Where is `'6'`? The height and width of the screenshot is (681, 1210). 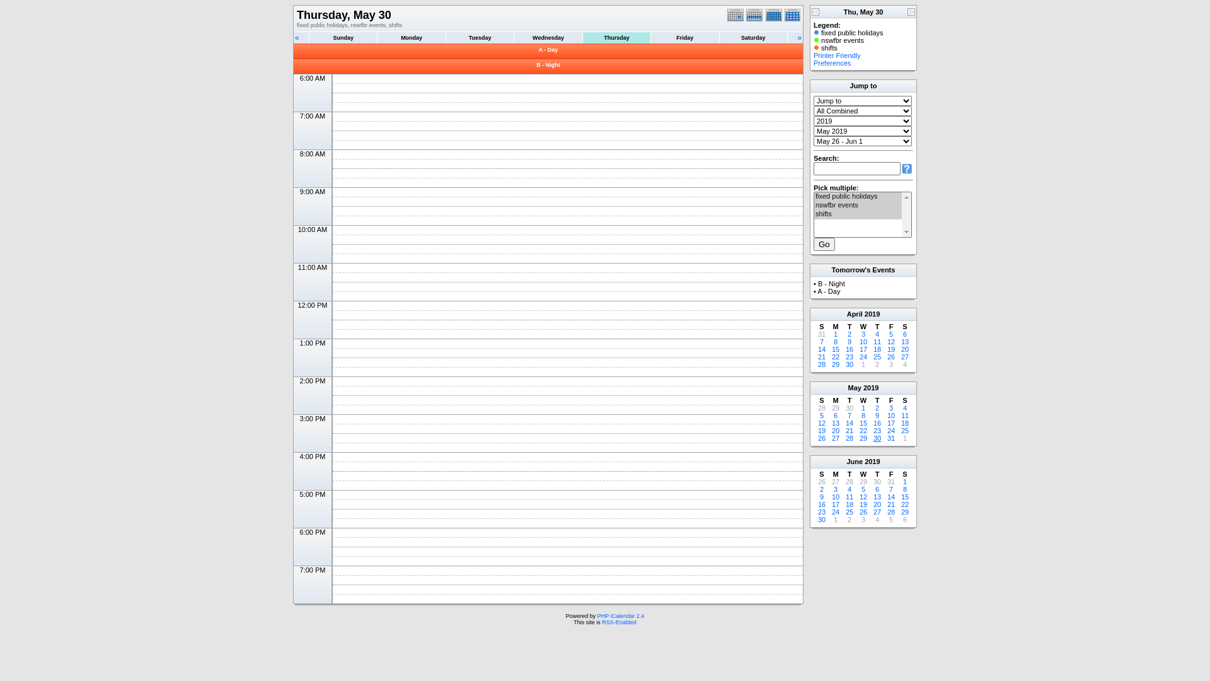
'6' is located at coordinates (835, 416).